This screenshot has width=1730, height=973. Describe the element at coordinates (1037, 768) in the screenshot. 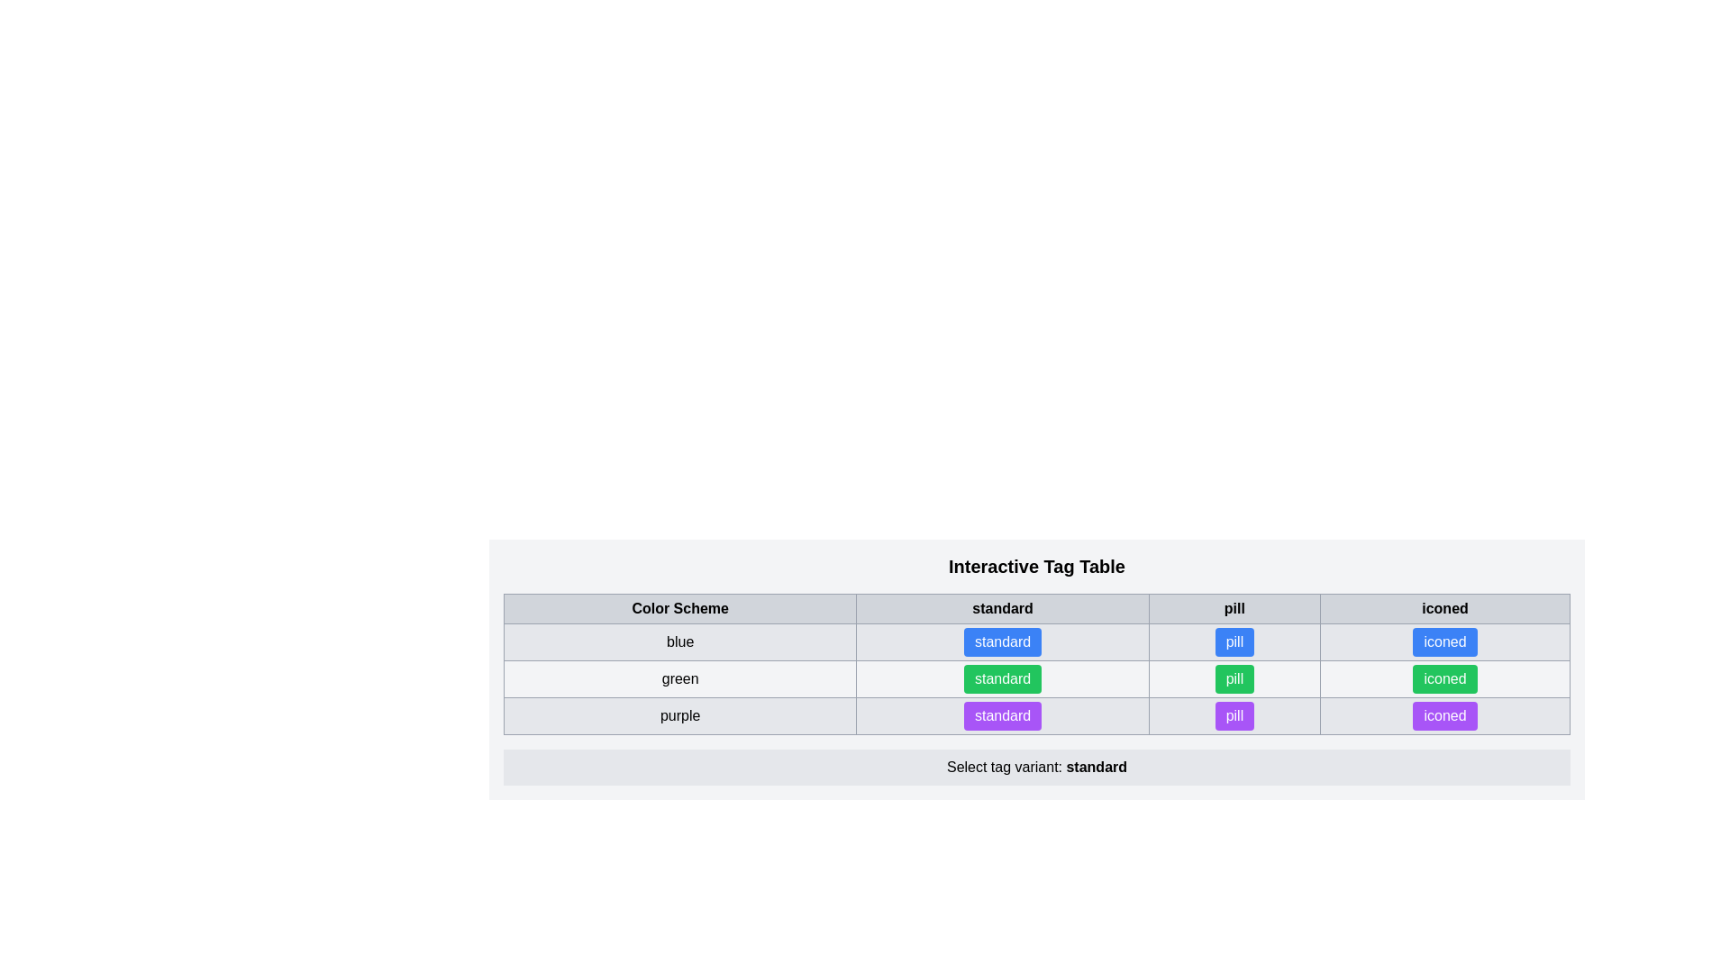

I see `the informational text that says 'Select tag variant: standard', located at the bottom of the interface below the 'Interactive Tag Table' section` at that location.